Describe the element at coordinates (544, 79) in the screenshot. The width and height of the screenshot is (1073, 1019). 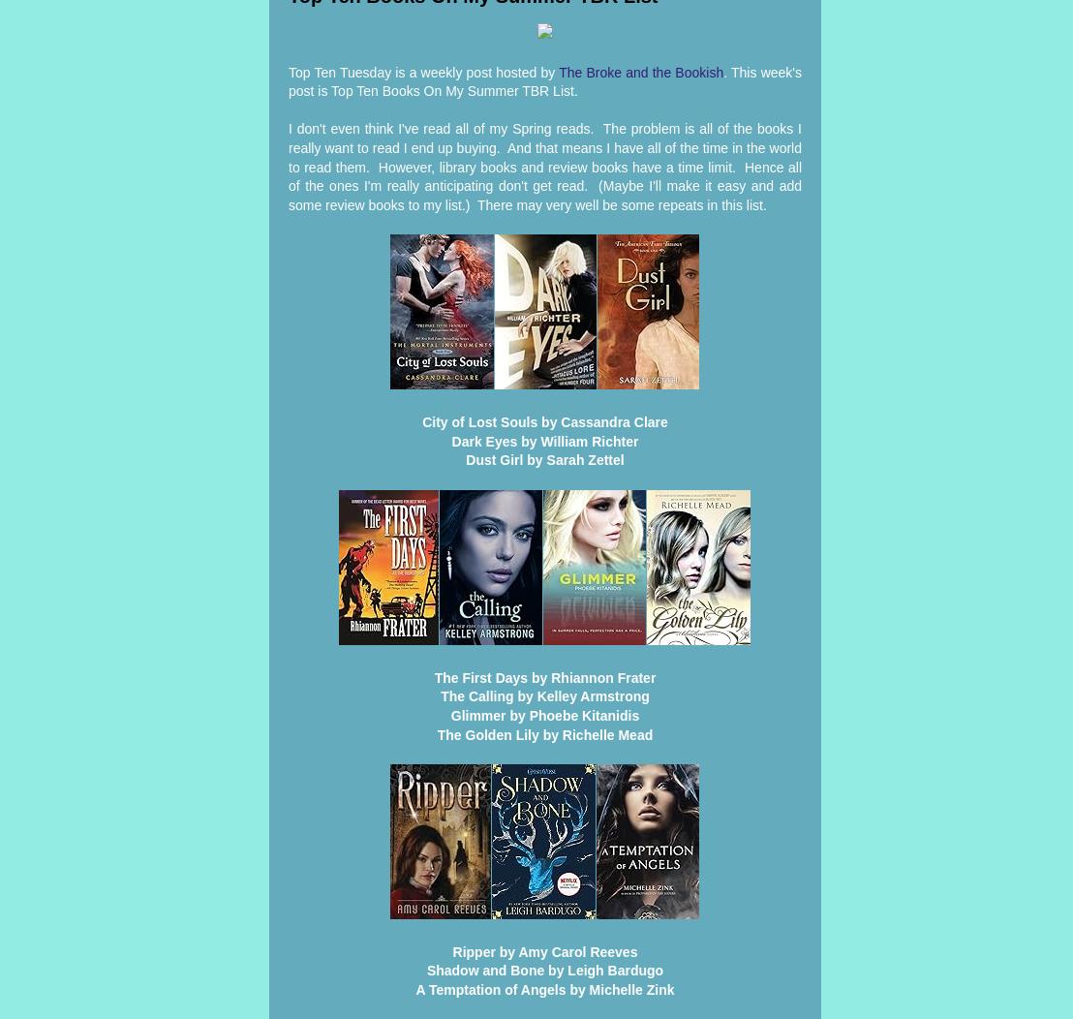
I see `'. This week's post is Top Ten Books On My Summer TBR List.'` at that location.